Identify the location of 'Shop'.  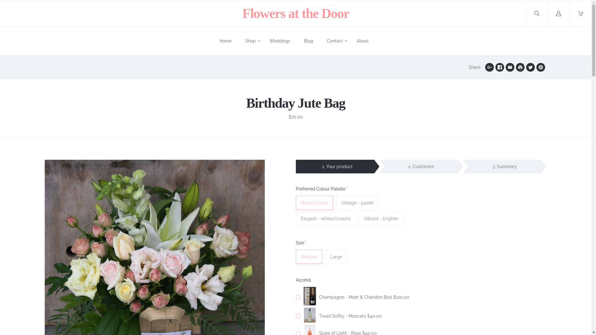
(250, 41).